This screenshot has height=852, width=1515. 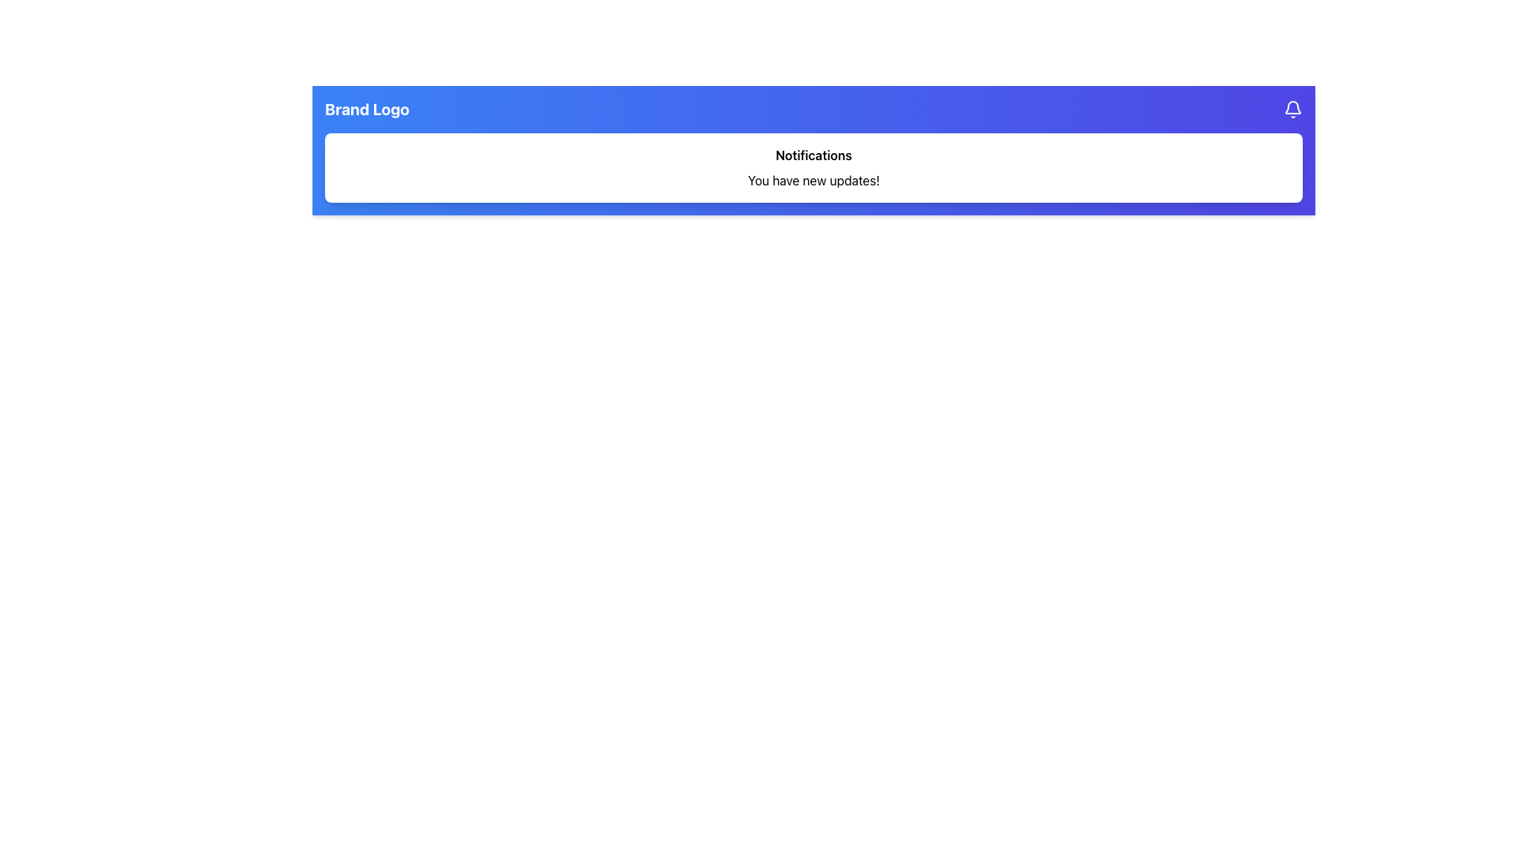 I want to click on the static text notification that reads 'You have new updates!' located below the 'Notifications' heading in the card layout, so click(x=814, y=179).